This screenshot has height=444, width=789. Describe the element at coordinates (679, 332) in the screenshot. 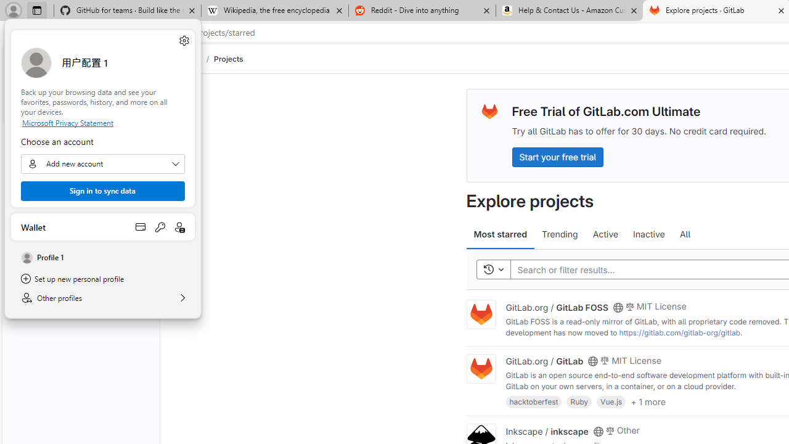

I see `'https://gitlab.com/gitlab-org/gitlab'` at that location.